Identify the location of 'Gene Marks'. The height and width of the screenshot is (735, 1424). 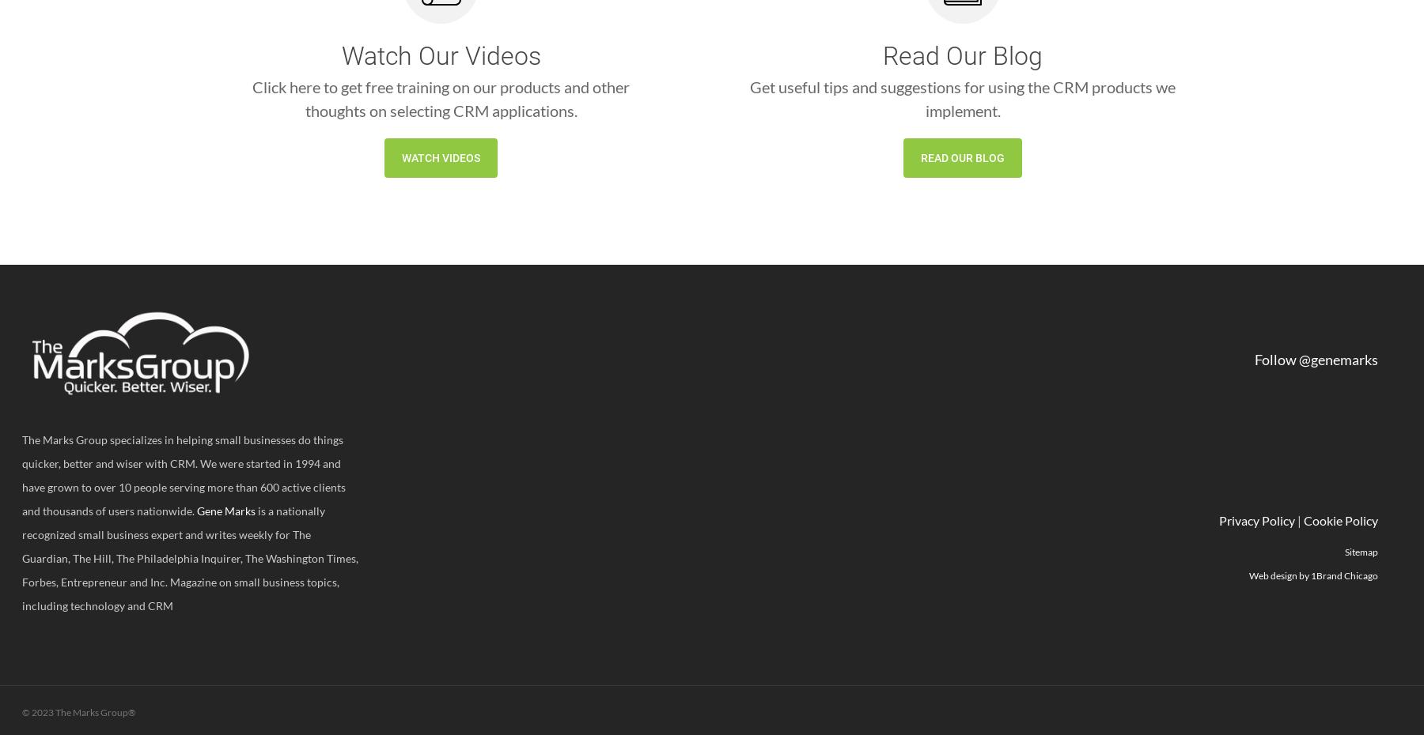
(195, 509).